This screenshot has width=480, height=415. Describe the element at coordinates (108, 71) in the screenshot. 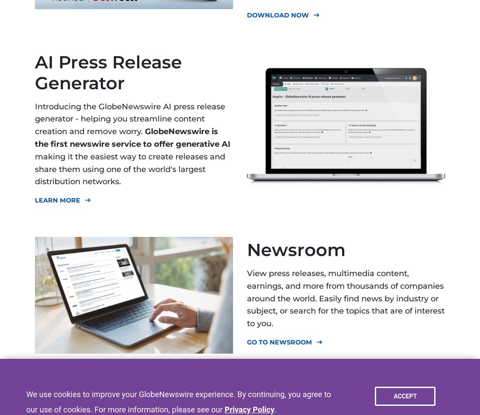

I see `'AI Press Release Generator'` at that location.